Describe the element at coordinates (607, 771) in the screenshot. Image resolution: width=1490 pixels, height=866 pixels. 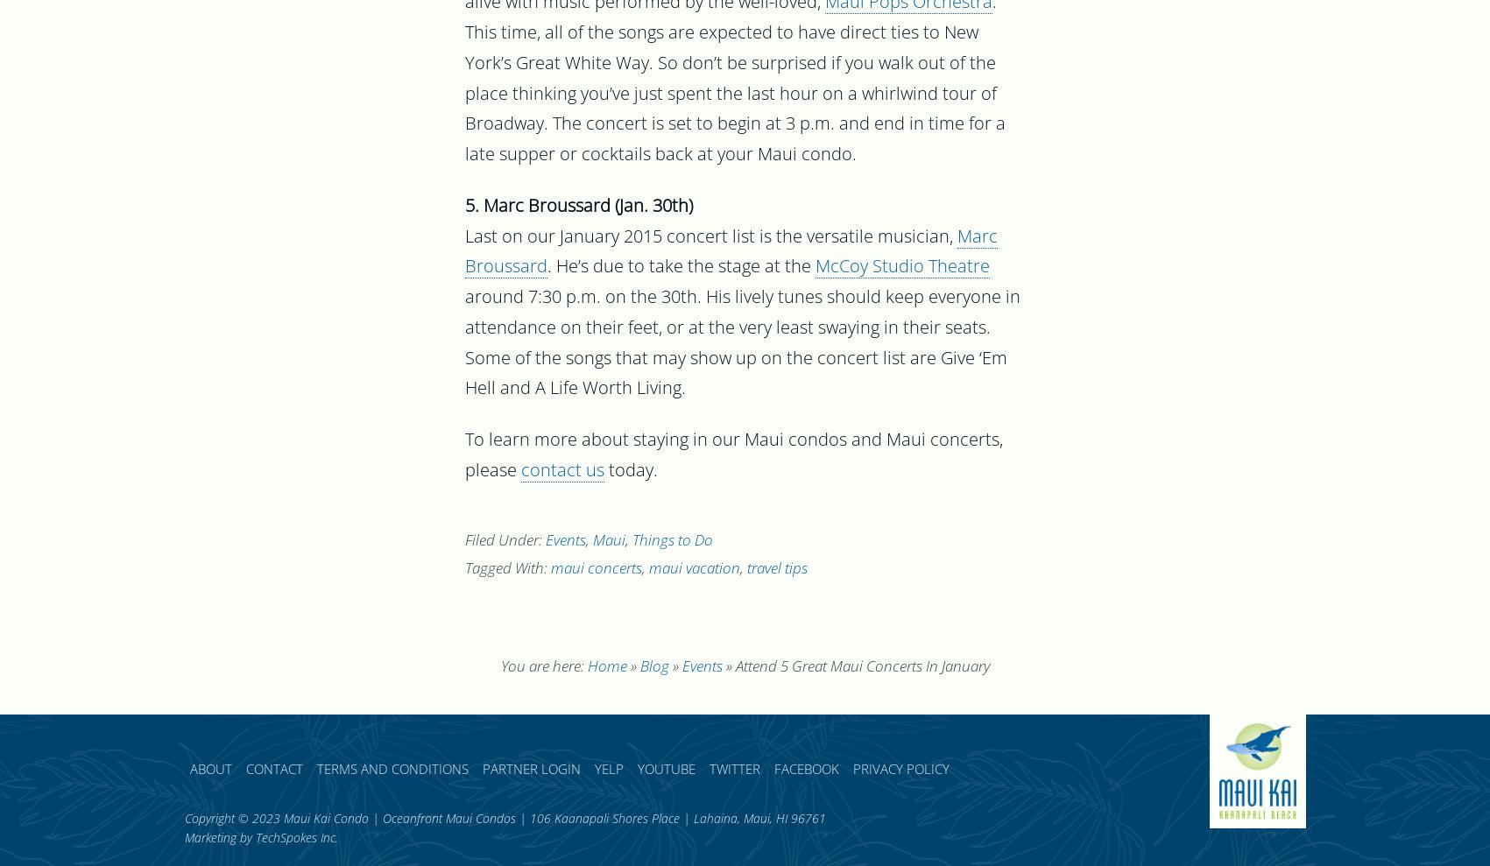
I see `'Yelp'` at that location.